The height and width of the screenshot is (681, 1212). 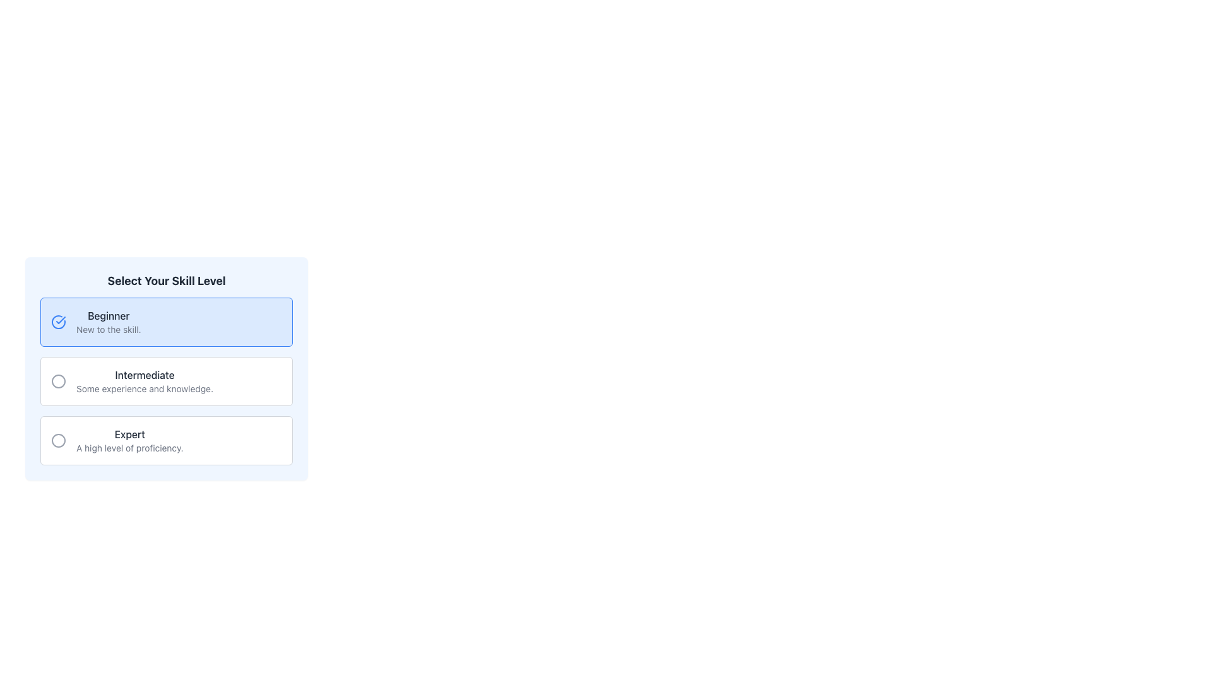 I want to click on the 'Expert' radio button with the description 'A high level of proficiency.', so click(x=166, y=439).